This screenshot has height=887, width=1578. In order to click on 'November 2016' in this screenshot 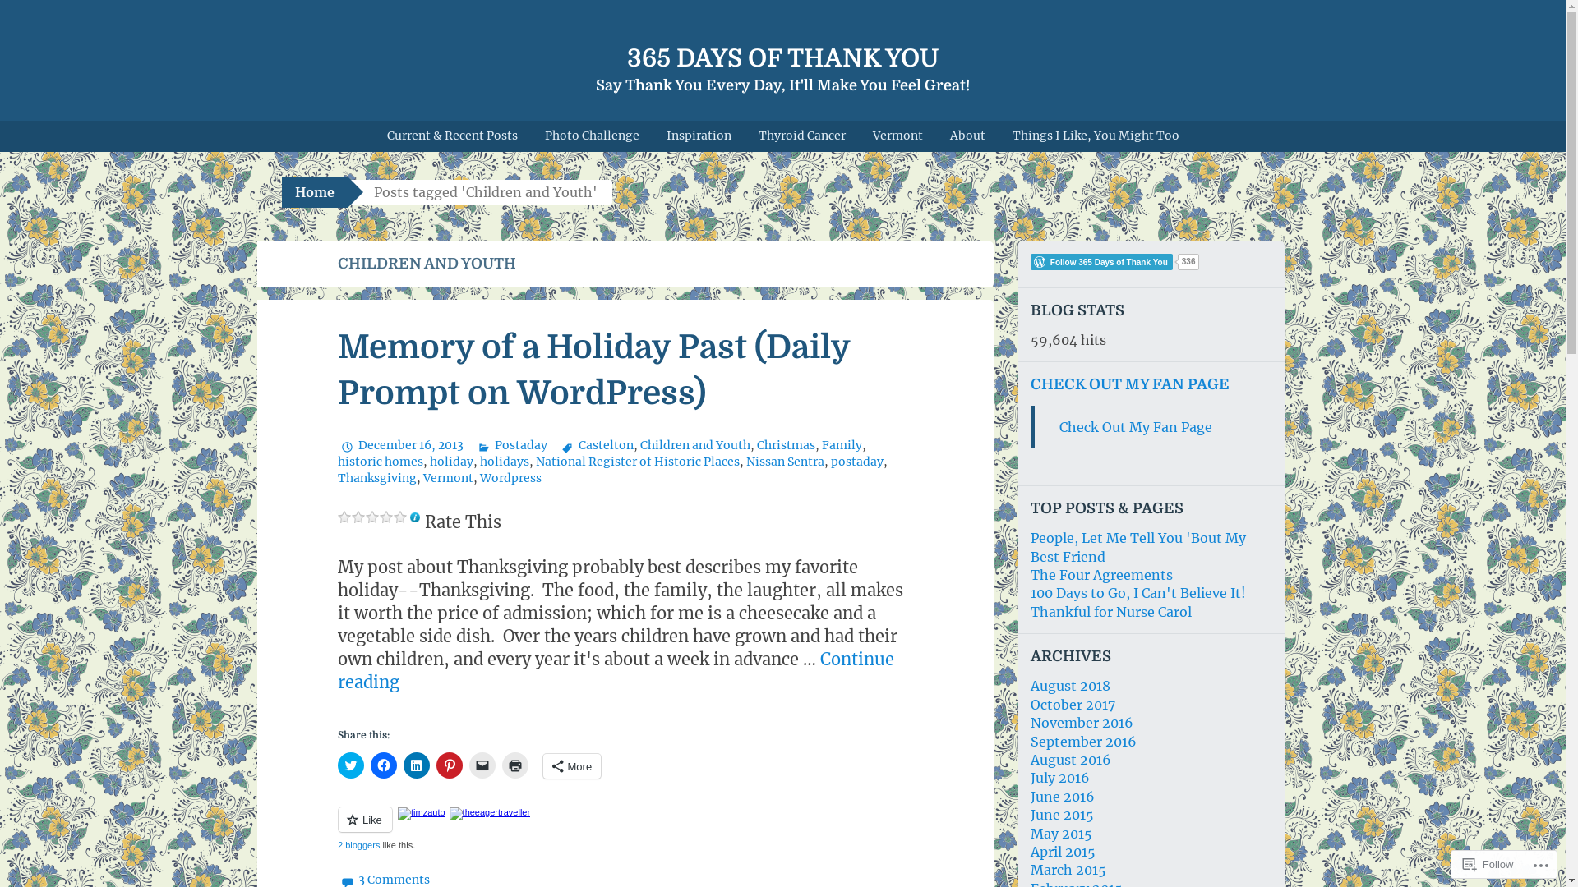, I will do `click(1082, 721)`.